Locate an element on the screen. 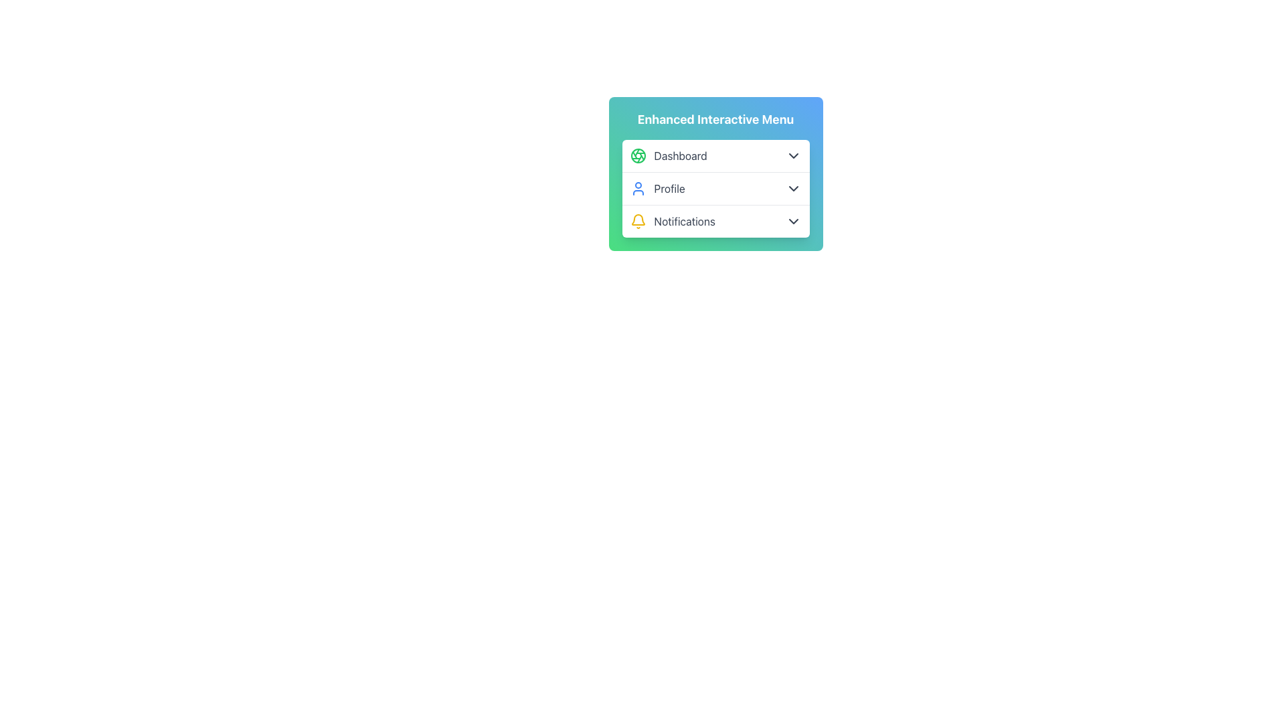  the 'Profile' menu option, which features a blue person icon next to the text 'Profile', positioned as the second element in the menu is located at coordinates (657, 188).